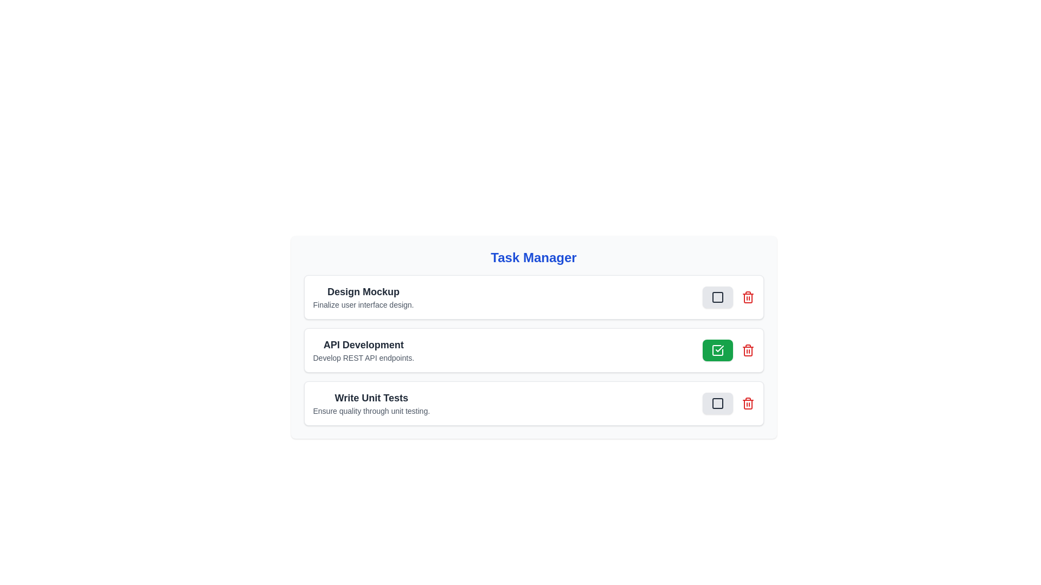 The height and width of the screenshot is (585, 1041). I want to click on the Title Text Block that identifies a task item in the task list interface, located above the description 'Ensure quality through unit testing.', so click(371, 398).